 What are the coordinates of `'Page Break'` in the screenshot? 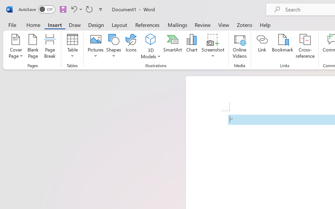 It's located at (50, 47).